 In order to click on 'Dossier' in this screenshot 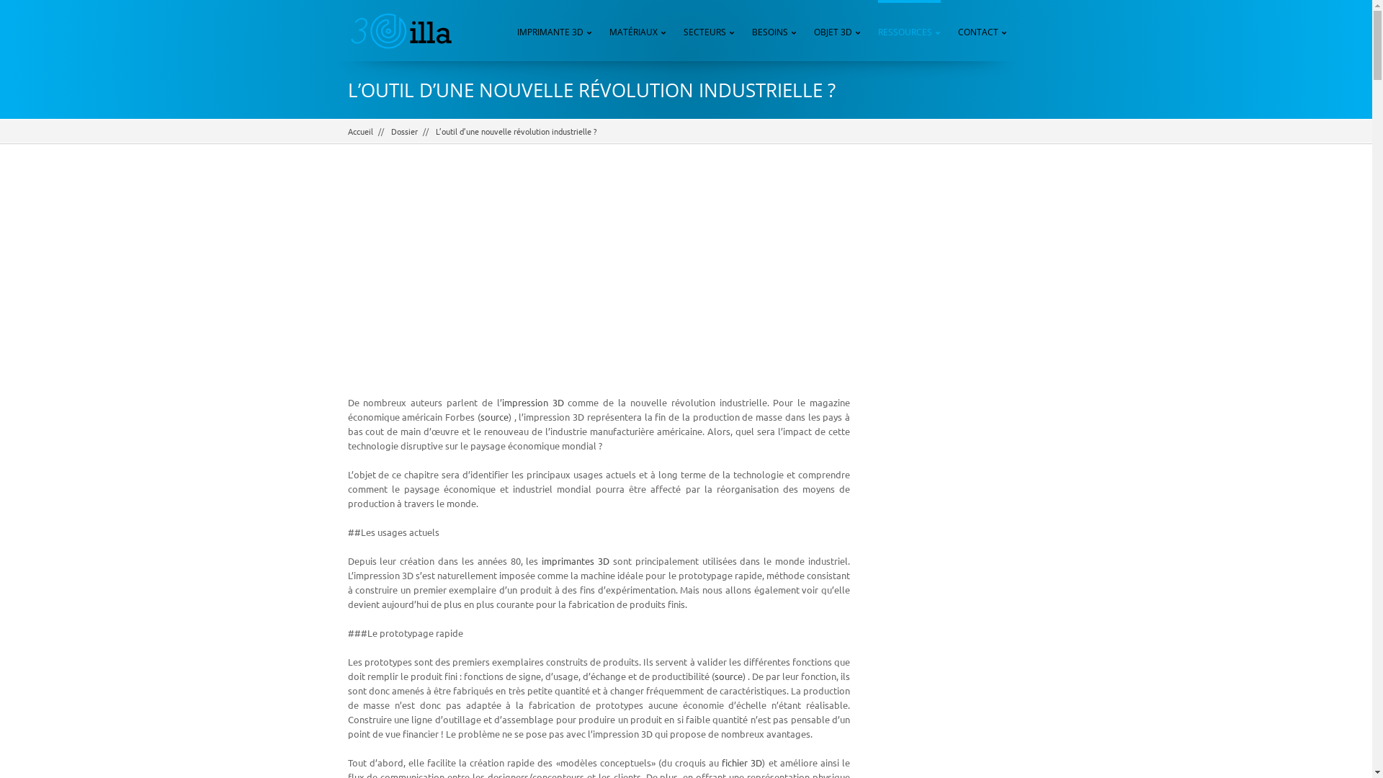, I will do `click(403, 130)`.